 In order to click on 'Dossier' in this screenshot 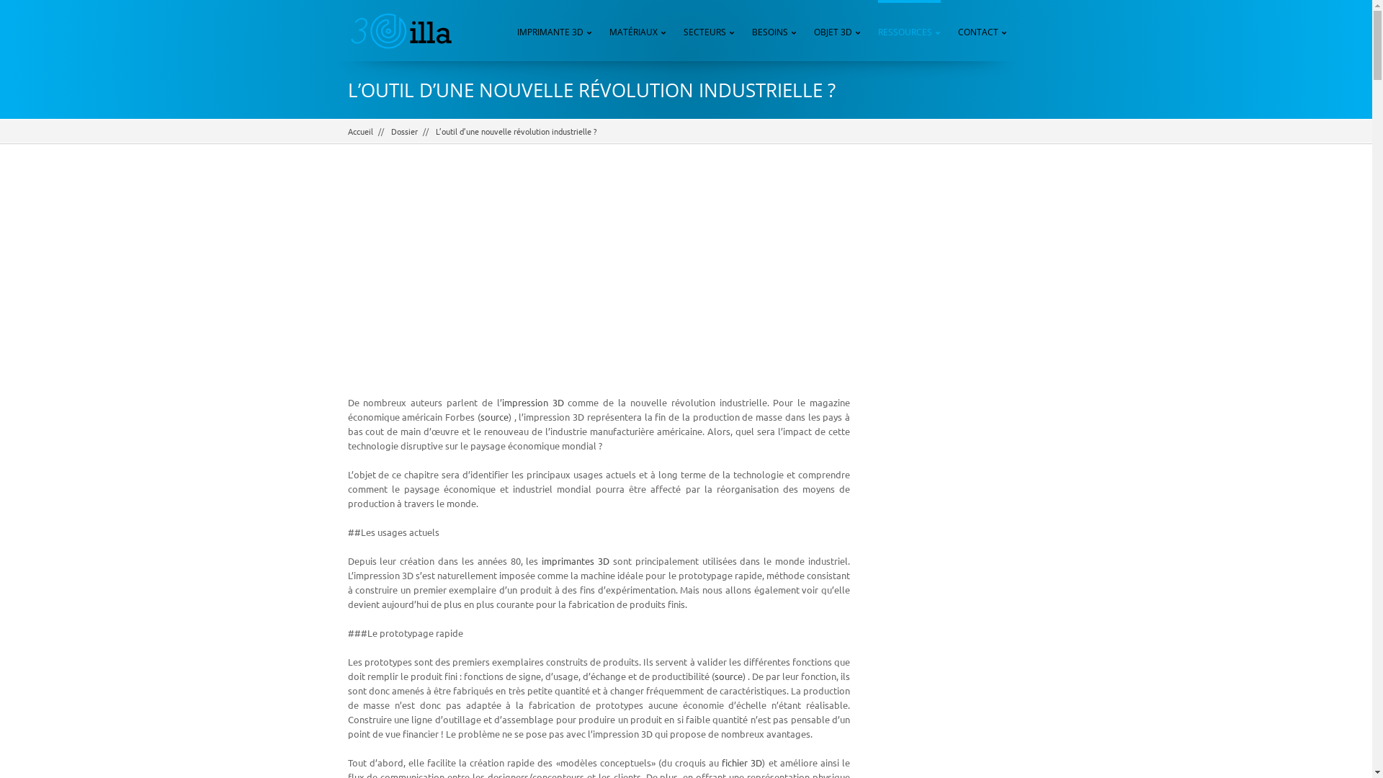, I will do `click(403, 130)`.